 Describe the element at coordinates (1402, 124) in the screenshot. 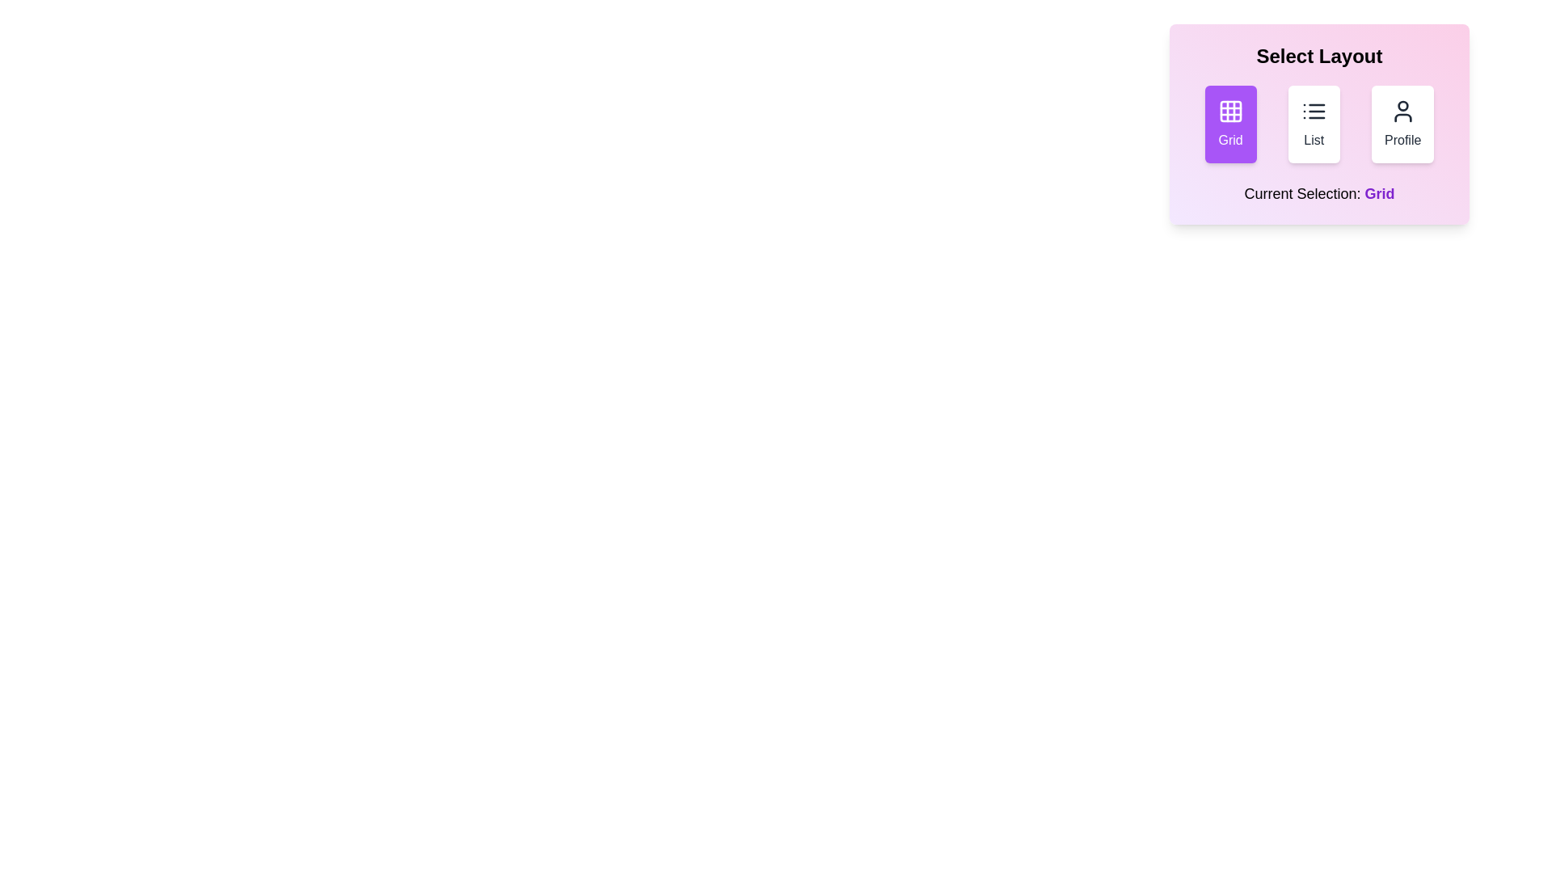

I see `the layout option Profile to see its hover effect` at that location.